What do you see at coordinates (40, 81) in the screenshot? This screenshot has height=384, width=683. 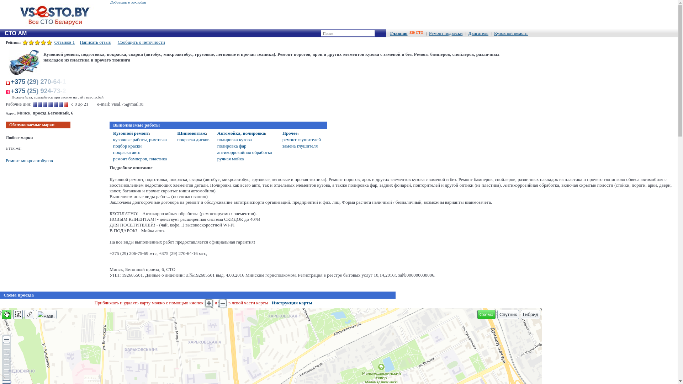 I see `'+375 (29) 270-64-1'` at bounding box center [40, 81].